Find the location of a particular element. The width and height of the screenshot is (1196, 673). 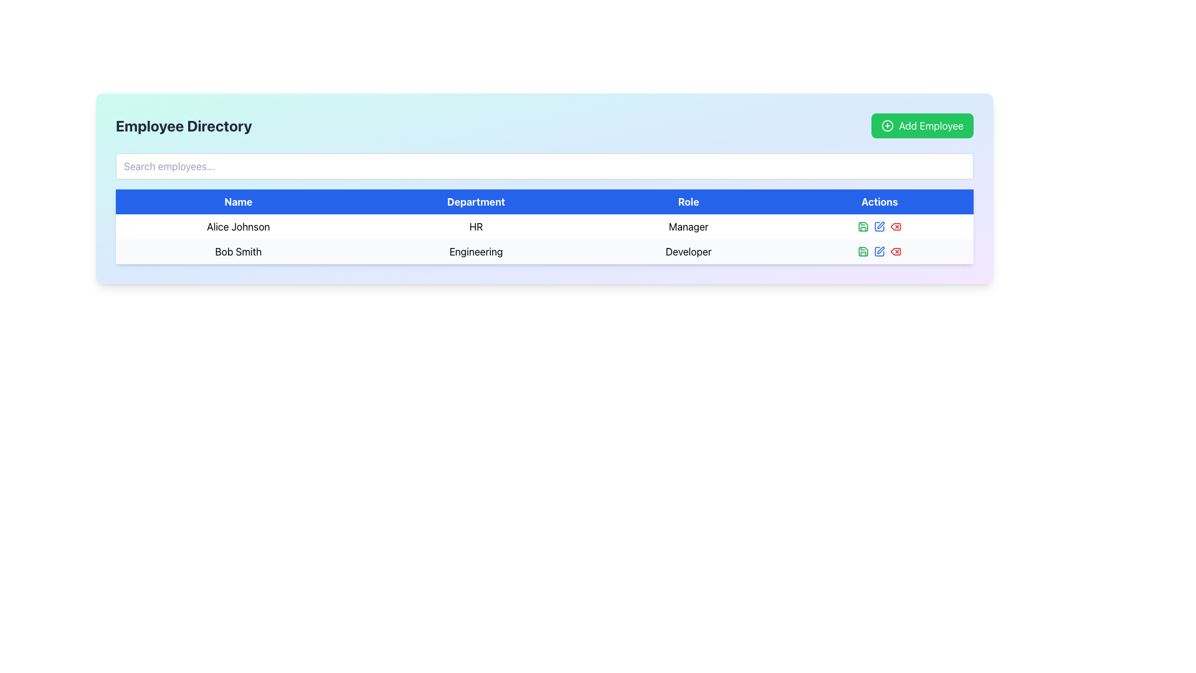

the edit button icon in the 'Actions' column of the second row, which corresponds to the entry 'Bob Smith' is located at coordinates (879, 252).